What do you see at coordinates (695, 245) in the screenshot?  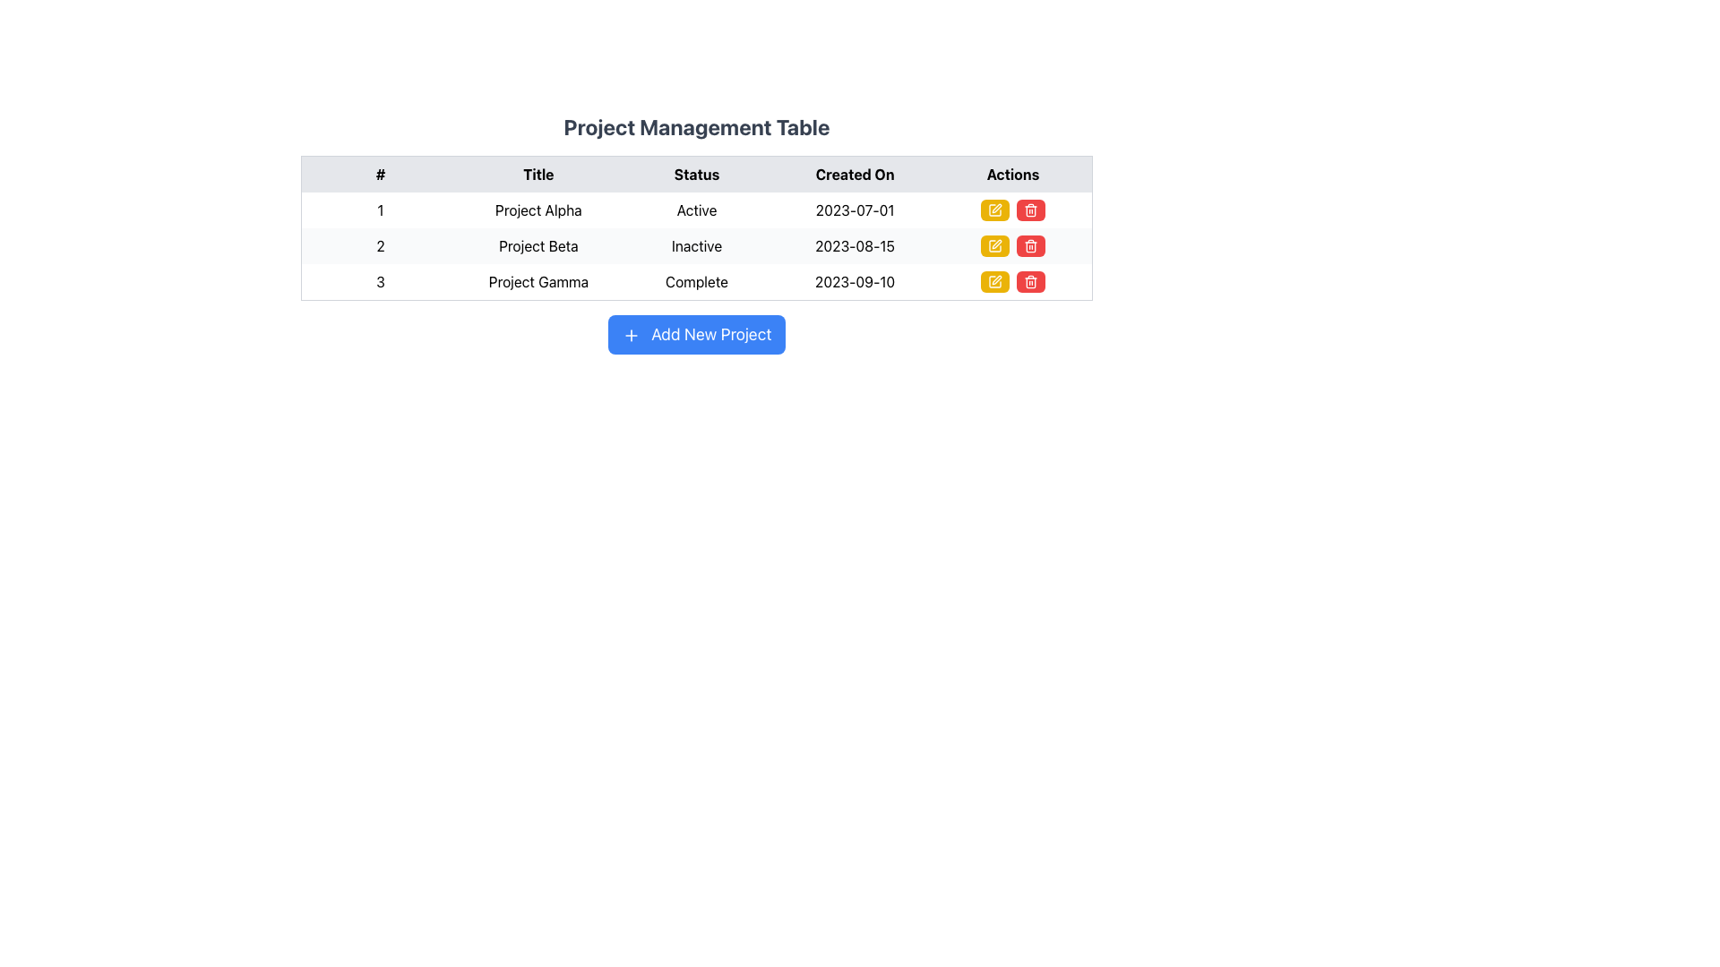 I see `the static text label reading 'Inactive' that is located in the 'Status' column of the table for 'Project Beta'` at bounding box center [695, 245].